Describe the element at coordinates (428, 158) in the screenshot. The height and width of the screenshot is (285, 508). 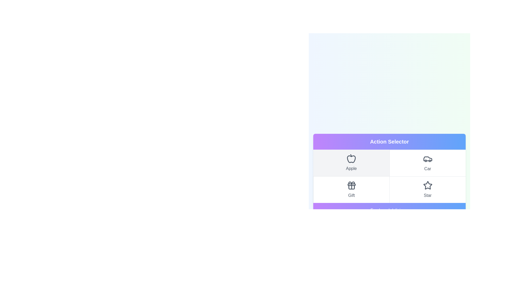
I see `the car icon located in the top-right cell of the 2x2 grid under the 'Action Selector' header` at that location.